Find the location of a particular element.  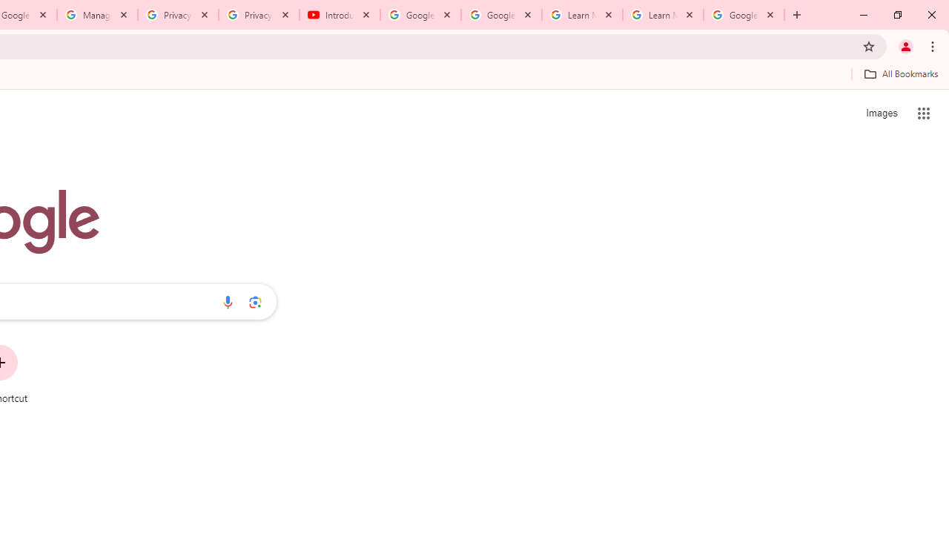

'Search for Images ' is located at coordinates (882, 113).